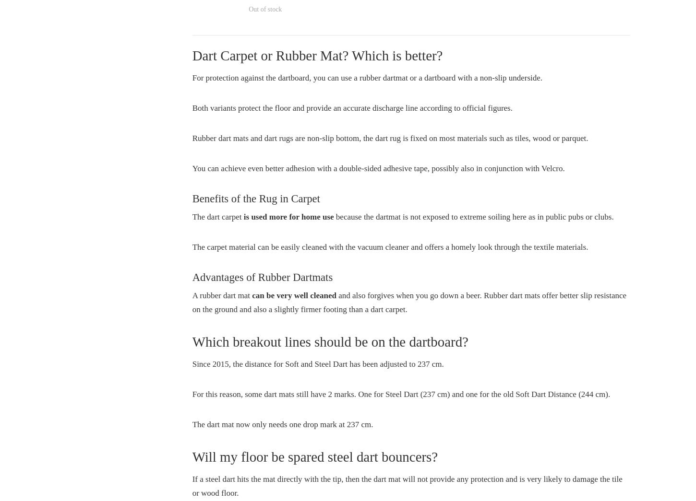  Describe the element at coordinates (352, 108) in the screenshot. I see `'Both variants protect the floor and provide an accurate discharge line according to official figures.'` at that location.